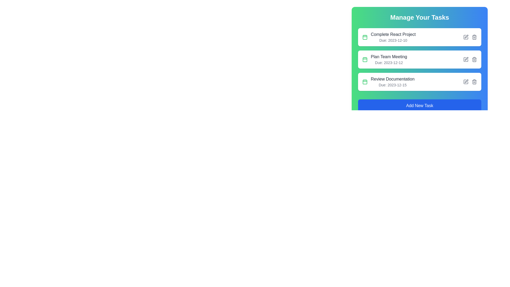 The image size is (510, 287). Describe the element at coordinates (466, 59) in the screenshot. I see `the small graphical component resembling a pen's tip, located in the upper right area of the graphic button after the text 'Plan Team Meeting'` at that location.